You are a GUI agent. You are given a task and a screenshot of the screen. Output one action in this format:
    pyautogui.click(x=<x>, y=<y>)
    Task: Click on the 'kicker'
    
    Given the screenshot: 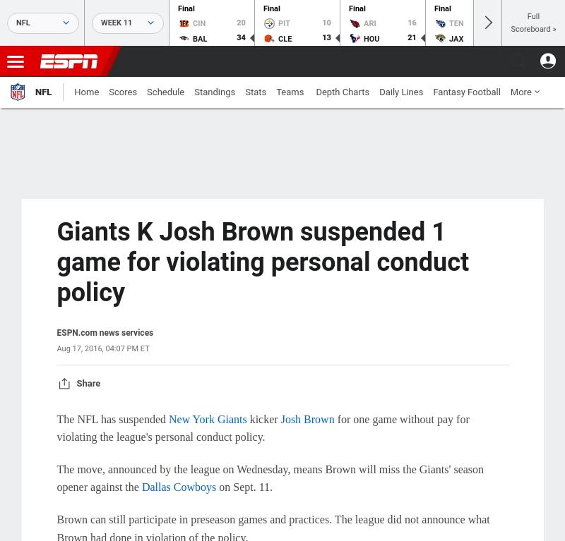 What is the action you would take?
    pyautogui.click(x=263, y=418)
    